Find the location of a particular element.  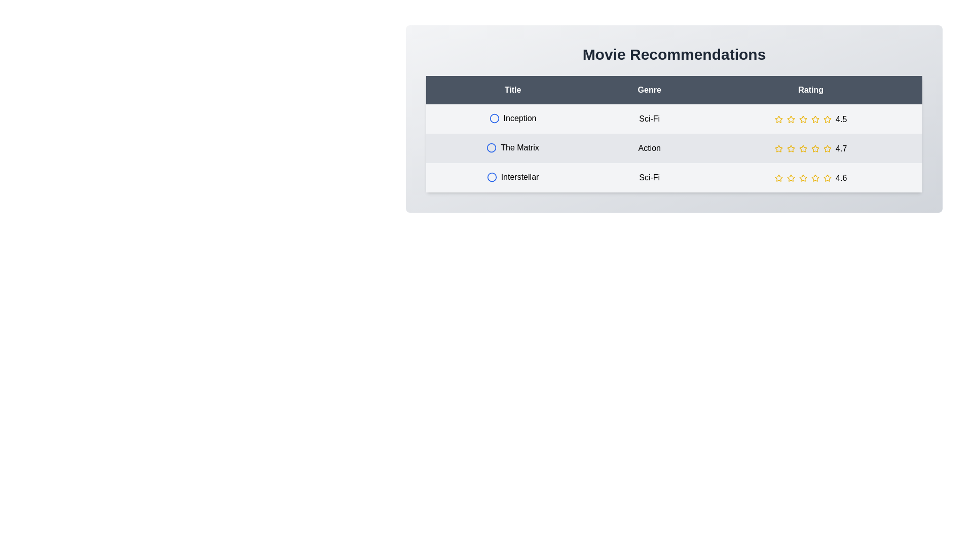

the row corresponding to Inception is located at coordinates (674, 119).